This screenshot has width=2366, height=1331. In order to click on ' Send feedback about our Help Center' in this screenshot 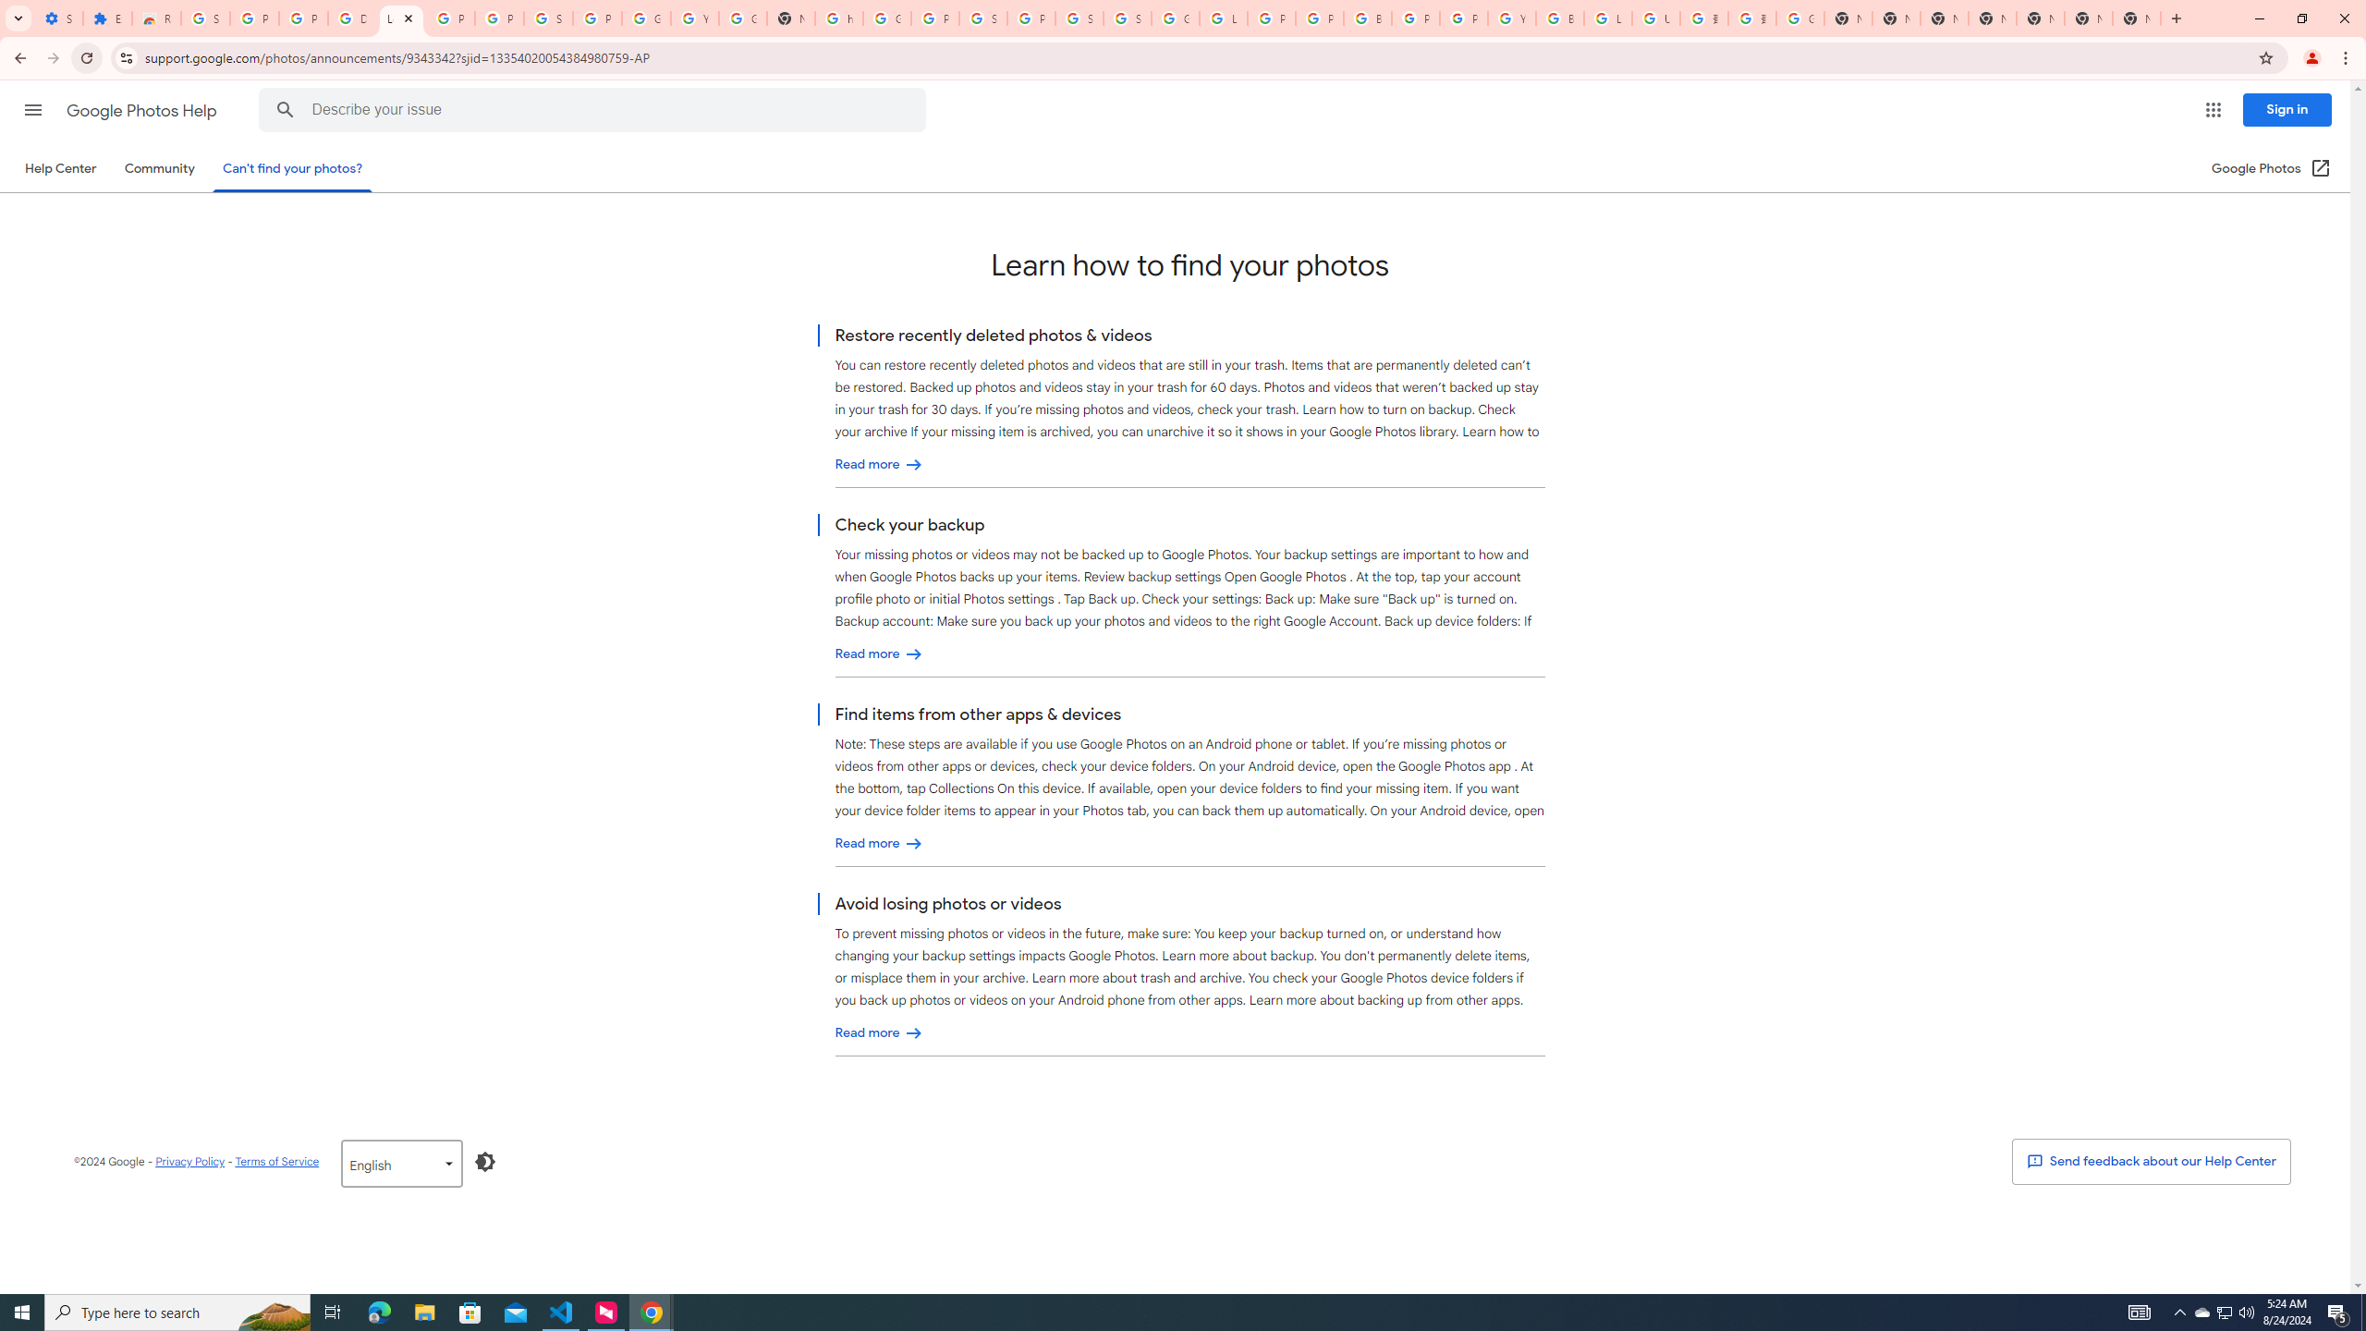, I will do `click(2151, 1161)`.